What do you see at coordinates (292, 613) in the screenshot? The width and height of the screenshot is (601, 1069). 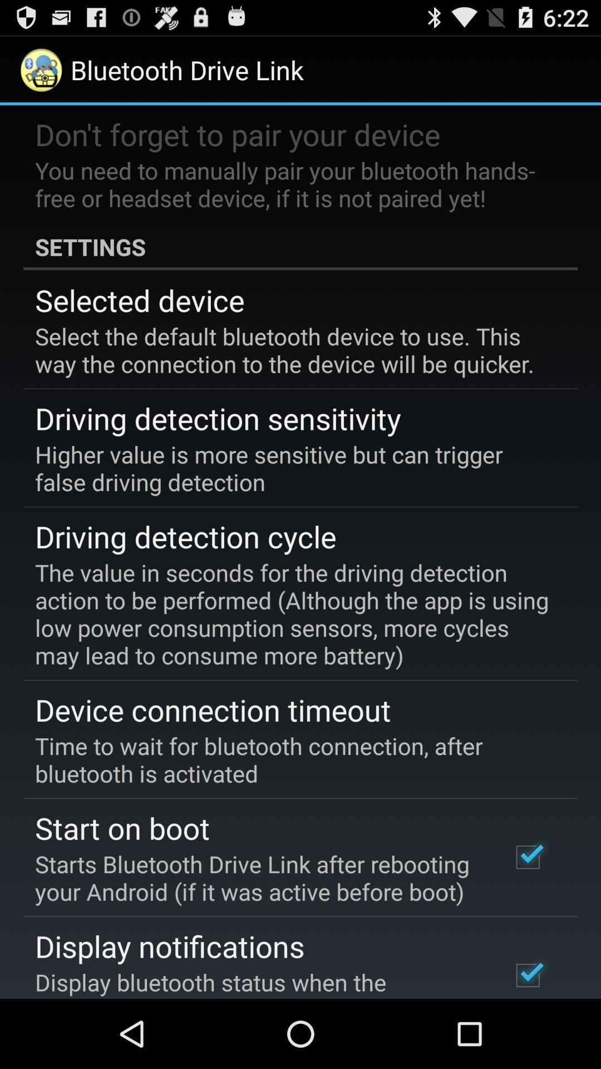 I see `the icon below the driving detection cycle icon` at bounding box center [292, 613].